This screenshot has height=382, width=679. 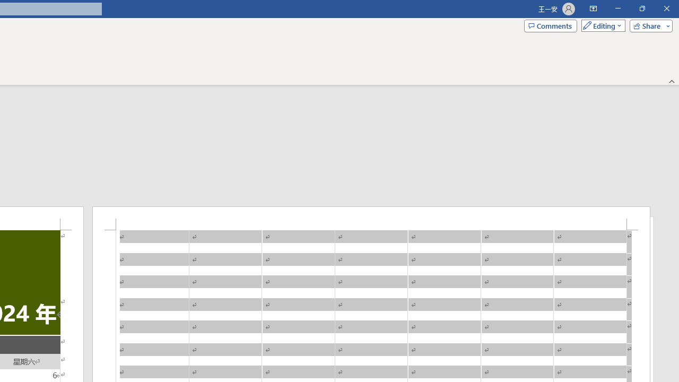 I want to click on 'Comments', so click(x=551, y=25).